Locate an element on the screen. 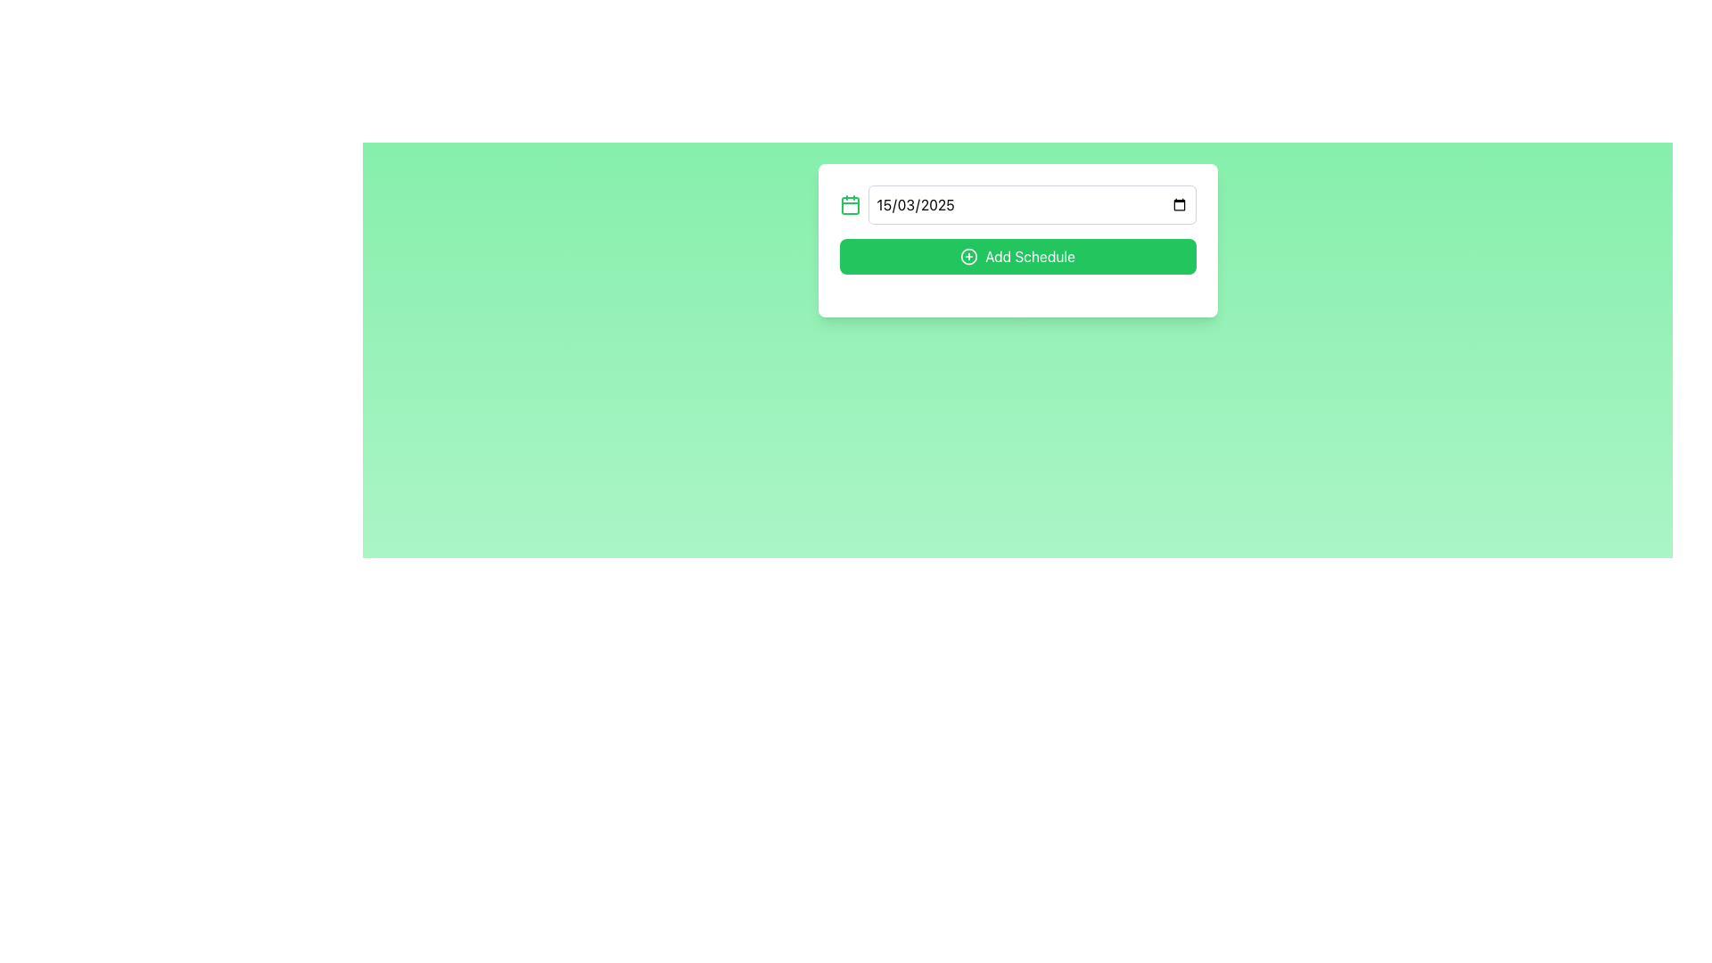 The height and width of the screenshot is (963, 1712). the '+' icon within the green rectangular button labeled 'Add Schedule' located at the bottom of the interface card is located at coordinates (968, 257).